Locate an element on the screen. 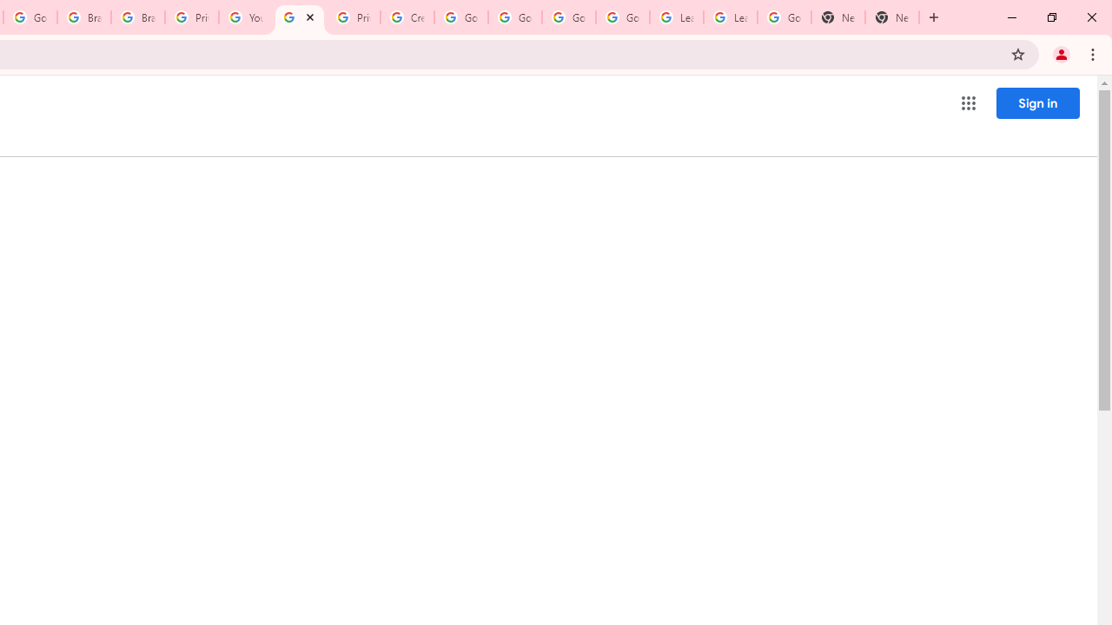 The image size is (1112, 625). 'Create your Google Account' is located at coordinates (407, 17).